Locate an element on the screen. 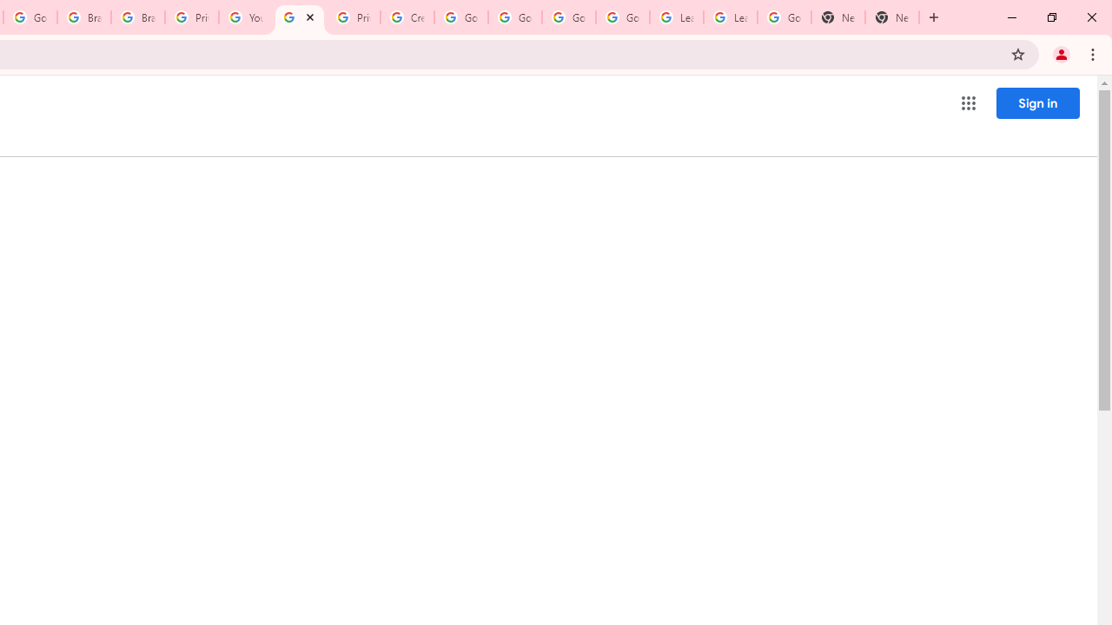 The image size is (1112, 625). 'Create your Google Account' is located at coordinates (407, 17).